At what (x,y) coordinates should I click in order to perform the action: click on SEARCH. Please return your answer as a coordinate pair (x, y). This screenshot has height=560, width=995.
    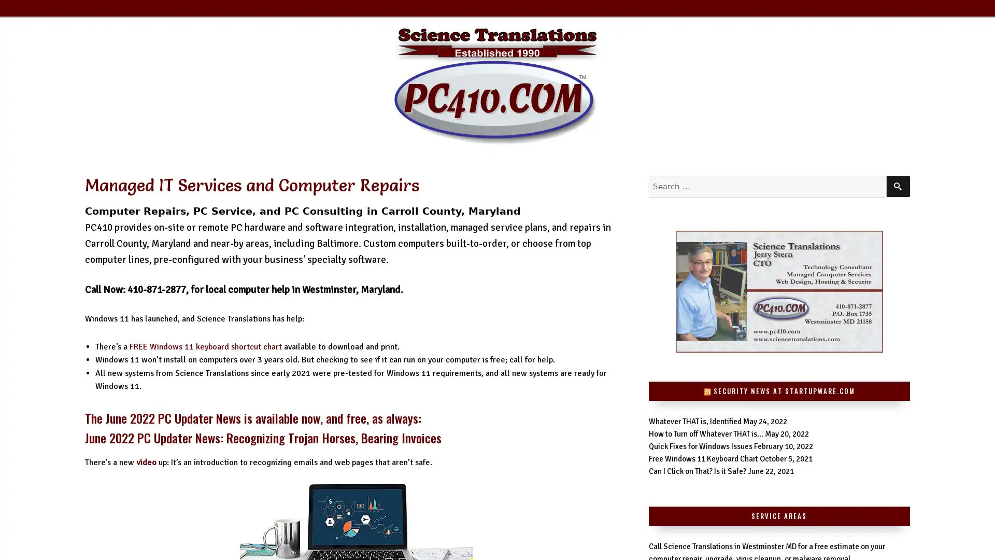
    Looking at the image, I should click on (897, 186).